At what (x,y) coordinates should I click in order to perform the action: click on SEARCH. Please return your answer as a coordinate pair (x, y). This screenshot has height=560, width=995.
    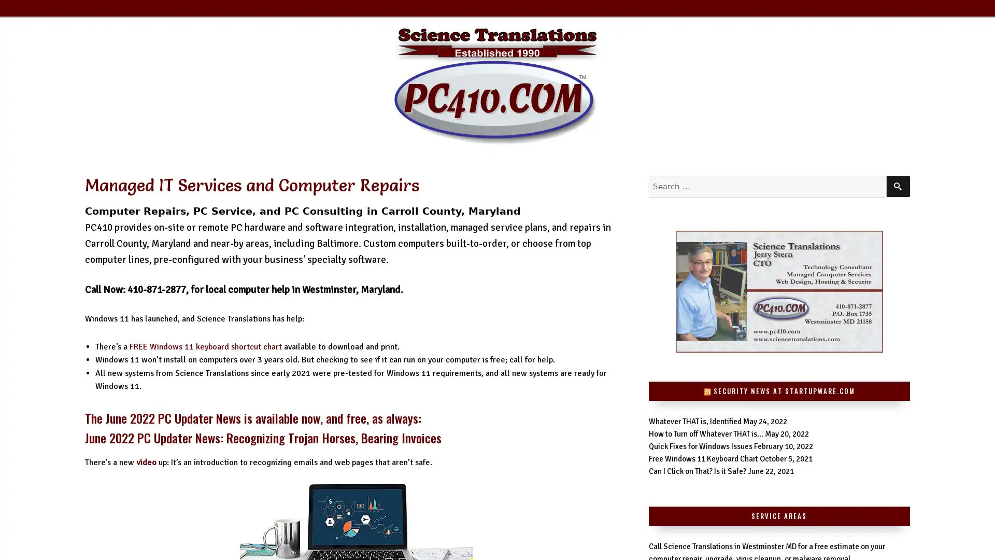
    Looking at the image, I should click on (897, 186).